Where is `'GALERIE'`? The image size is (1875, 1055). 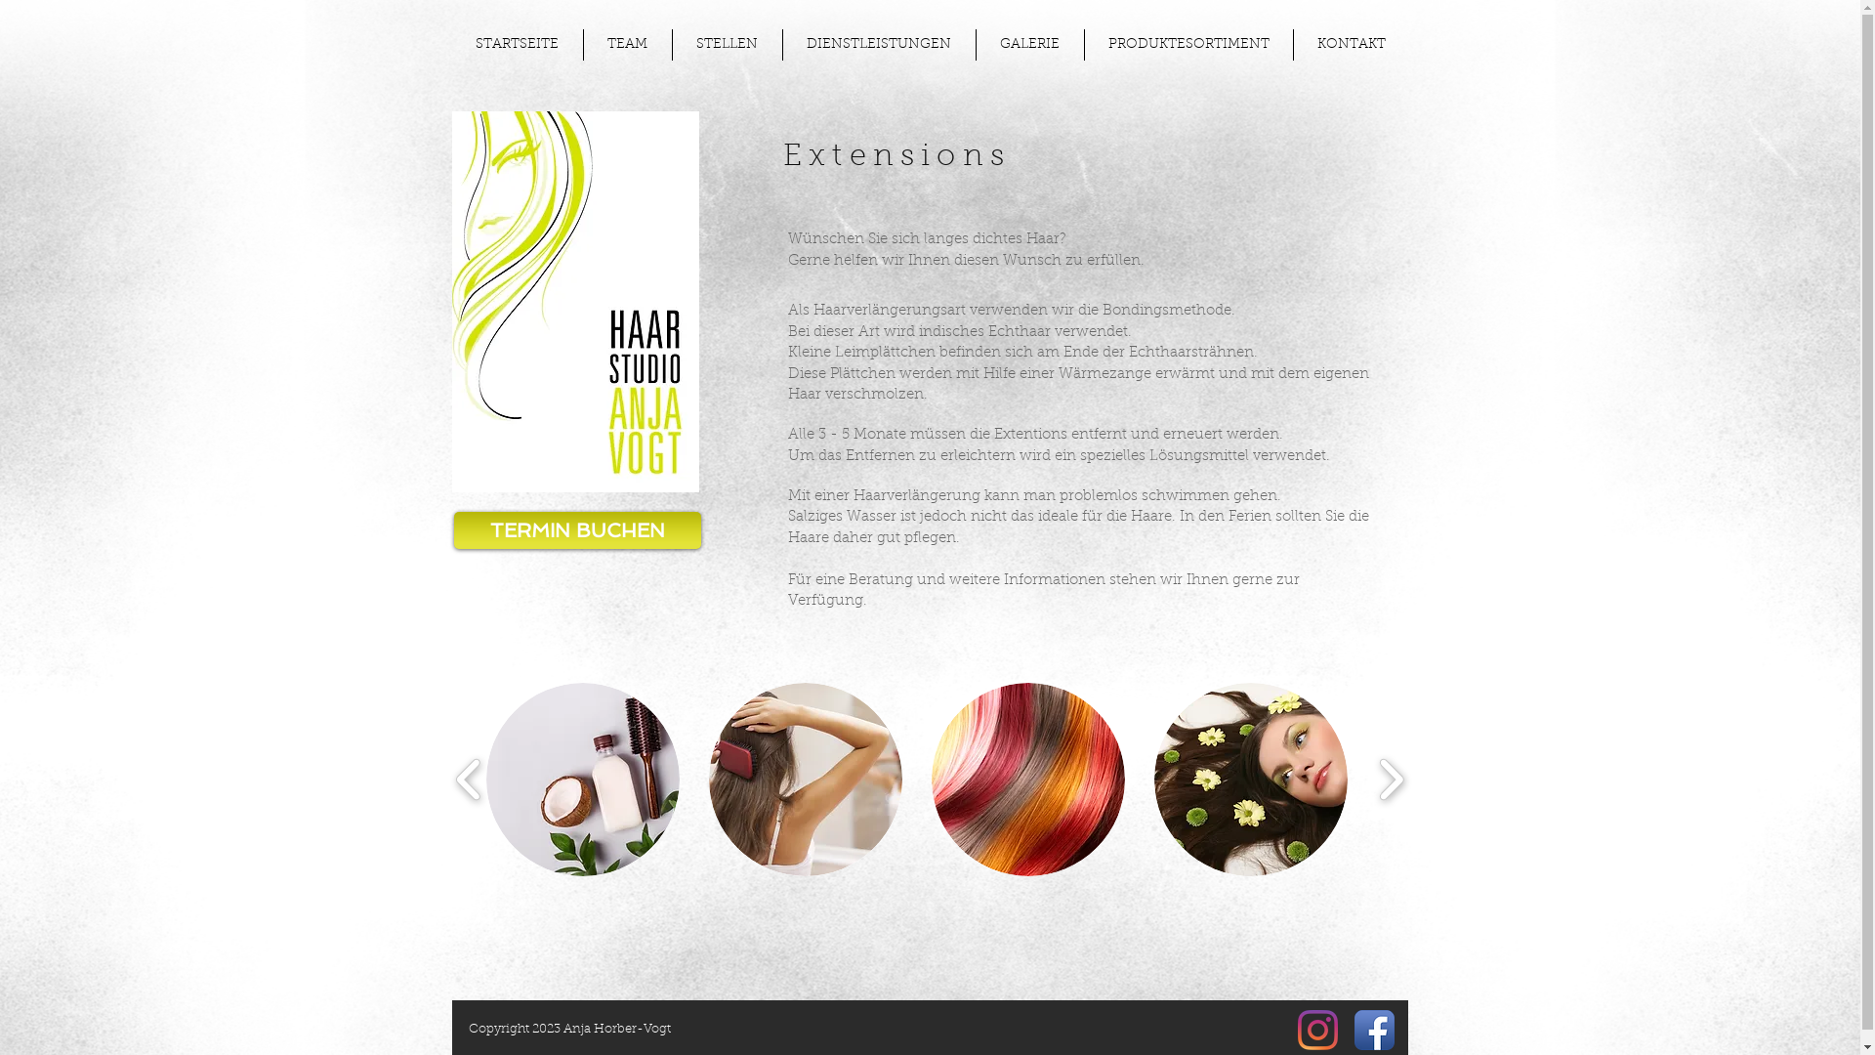 'GALERIE' is located at coordinates (1029, 44).